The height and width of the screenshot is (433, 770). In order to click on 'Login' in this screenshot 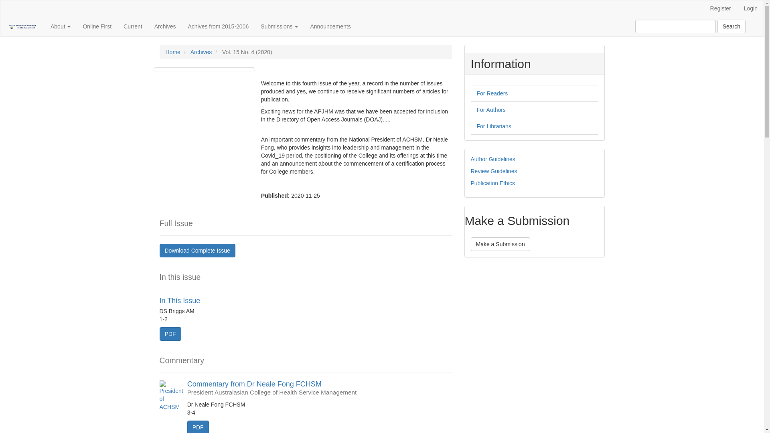, I will do `click(750, 8)`.